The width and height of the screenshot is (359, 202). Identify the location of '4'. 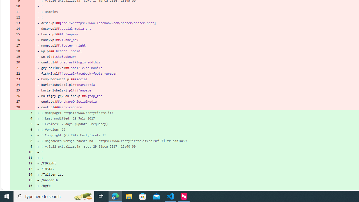
(29, 118).